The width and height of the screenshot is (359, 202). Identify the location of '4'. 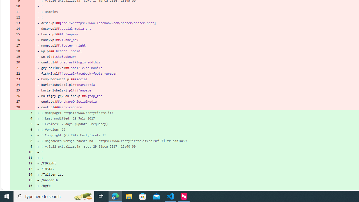
(29, 118).